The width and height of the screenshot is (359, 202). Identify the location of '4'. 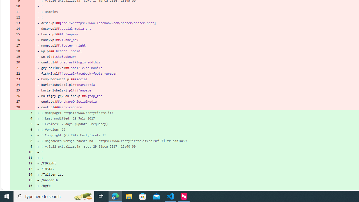
(29, 118).